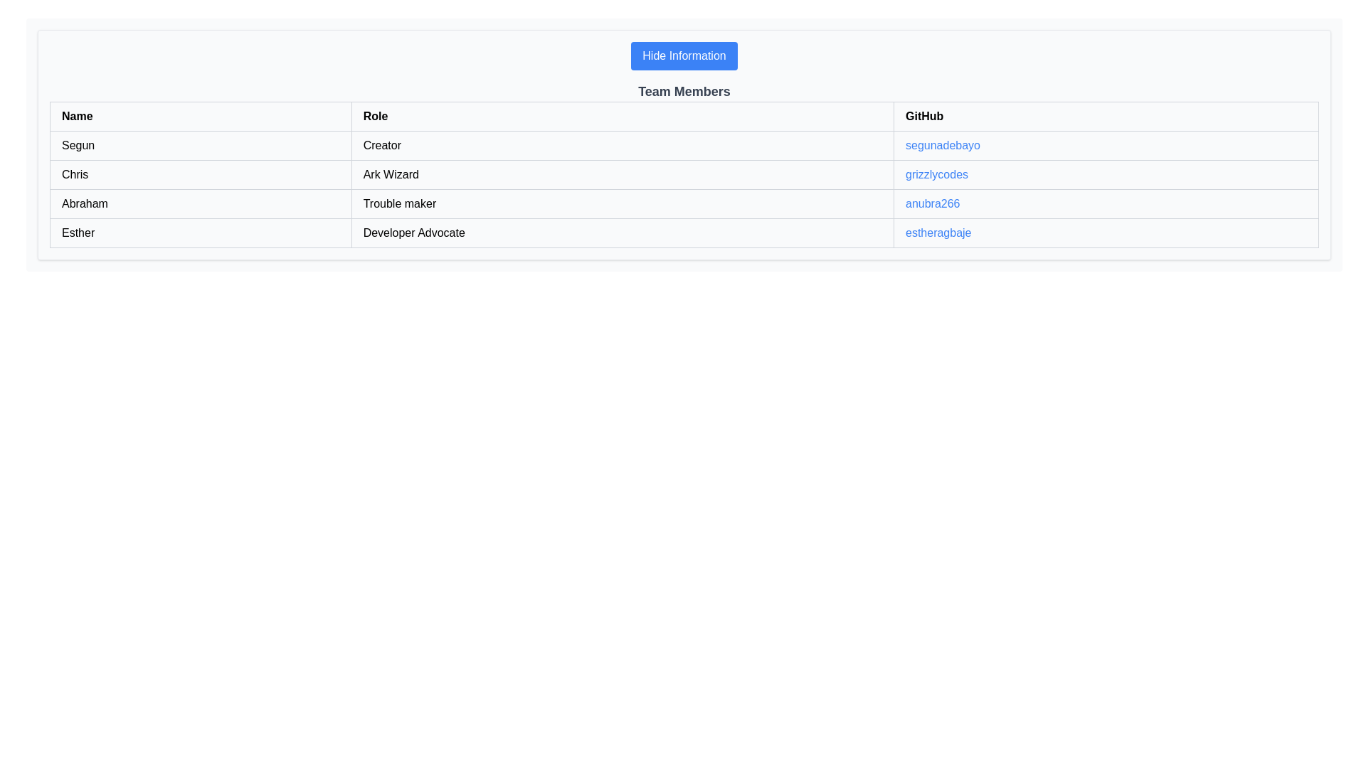  I want to click on the hyperlink 'estheragbaje' located in the bottom-most row of the table under the 'GitHub' column, so click(938, 232).